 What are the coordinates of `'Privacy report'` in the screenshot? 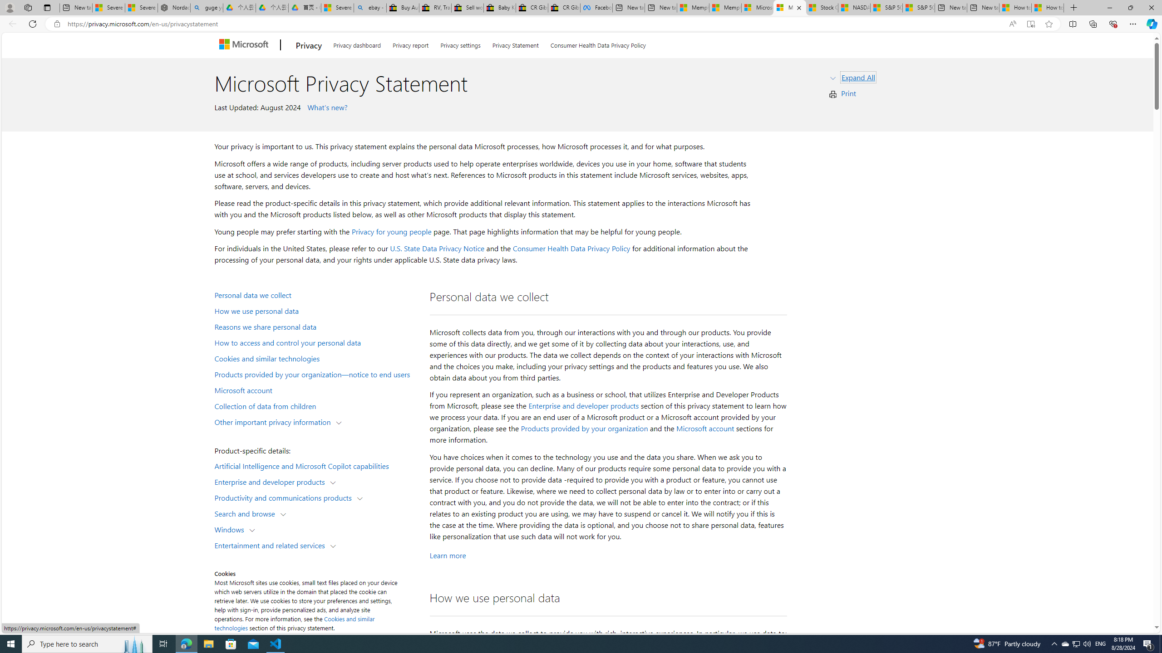 It's located at (410, 44).